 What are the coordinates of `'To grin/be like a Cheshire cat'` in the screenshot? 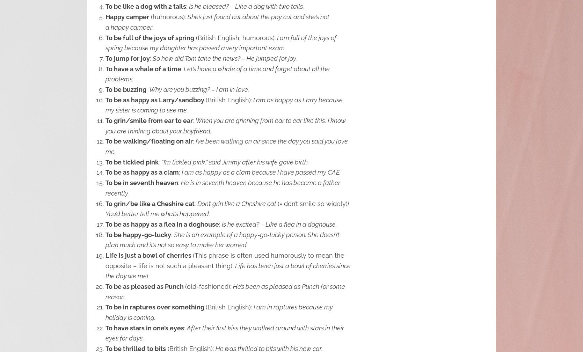 It's located at (150, 203).